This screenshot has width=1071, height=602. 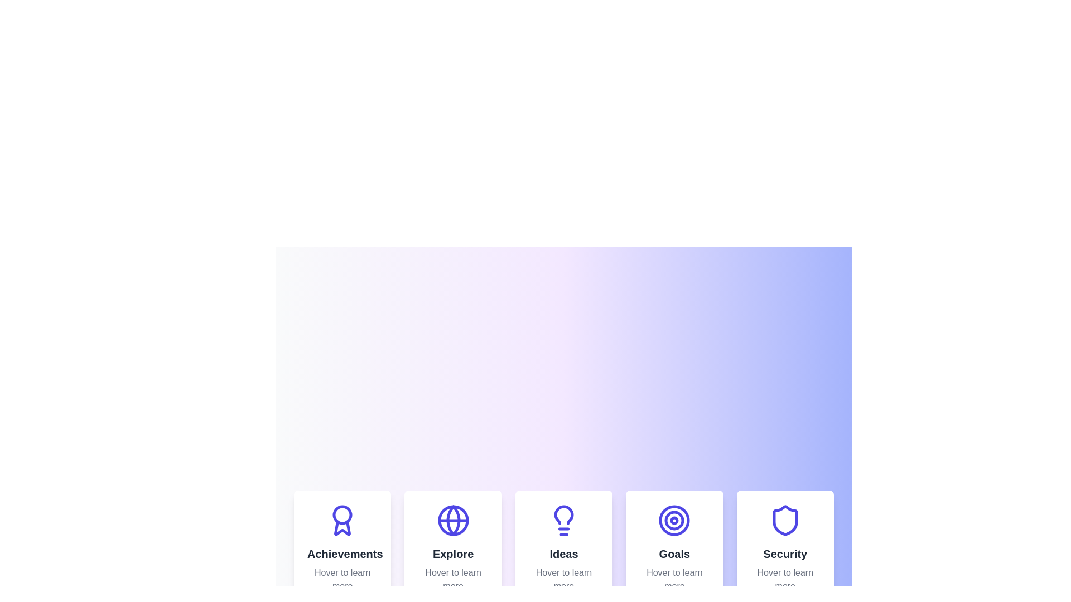 What do you see at coordinates (342, 515) in the screenshot?
I see `the circular SVG shape within the award icon, which has a gradient blue and white background and is positioned above the 'Achievements' label` at bounding box center [342, 515].